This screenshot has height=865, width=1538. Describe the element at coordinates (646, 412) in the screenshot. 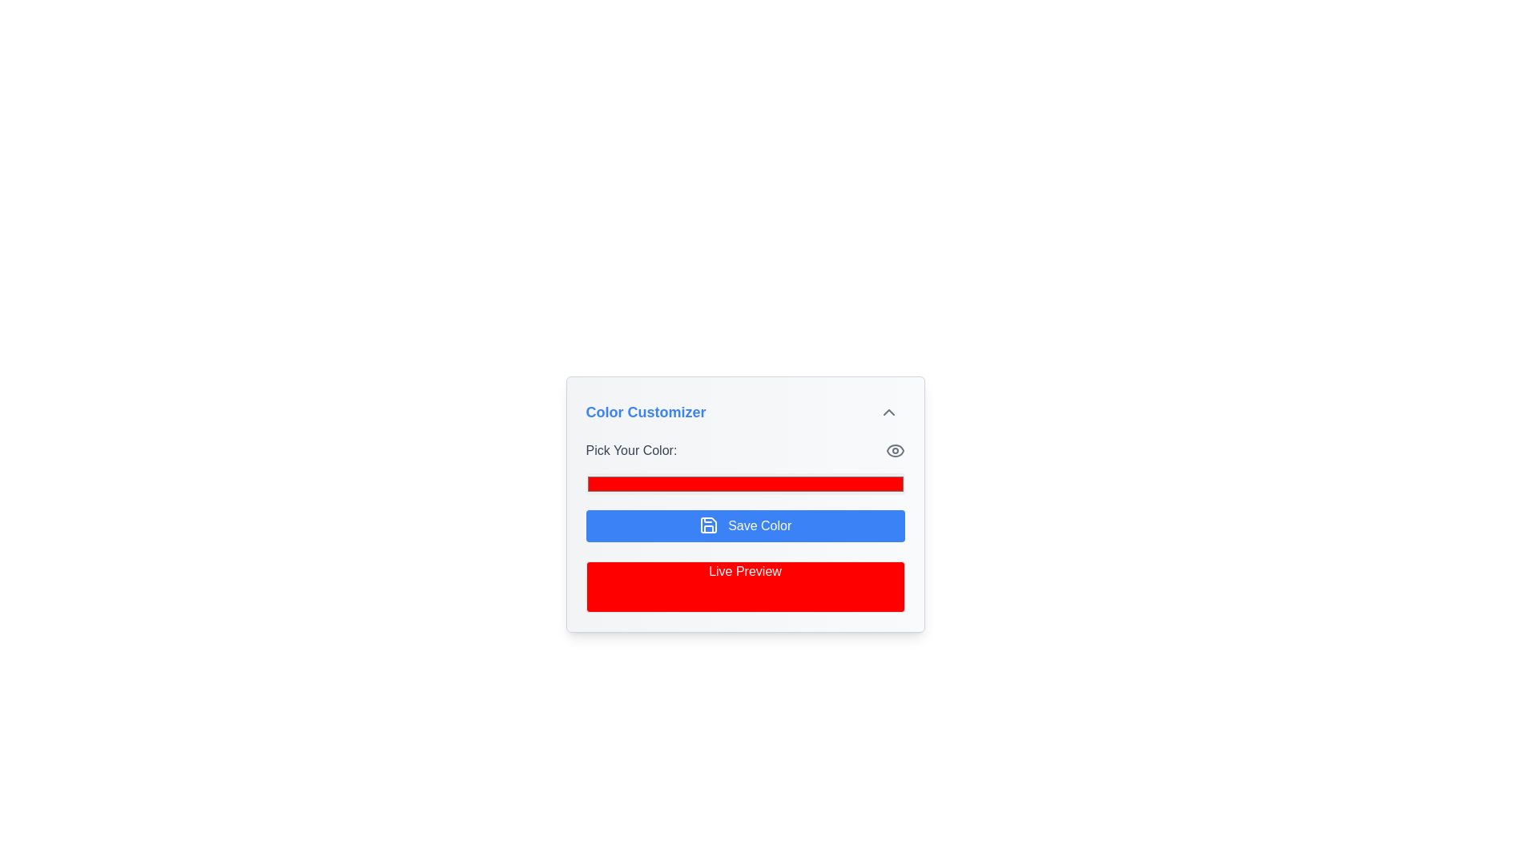

I see `the text label indicating the functionality of the color customization panel, which is located at the top-left corner of the panel` at that location.